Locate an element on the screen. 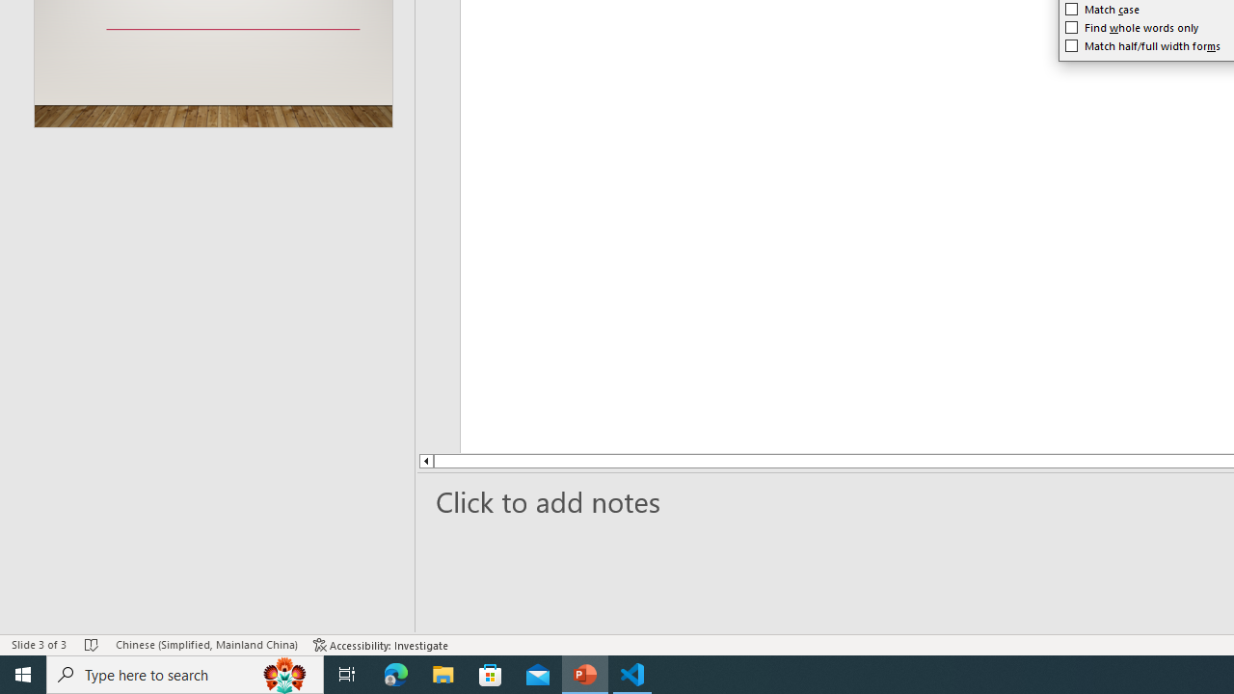  'PowerPoint - 1 running window' is located at coordinates (584, 673).